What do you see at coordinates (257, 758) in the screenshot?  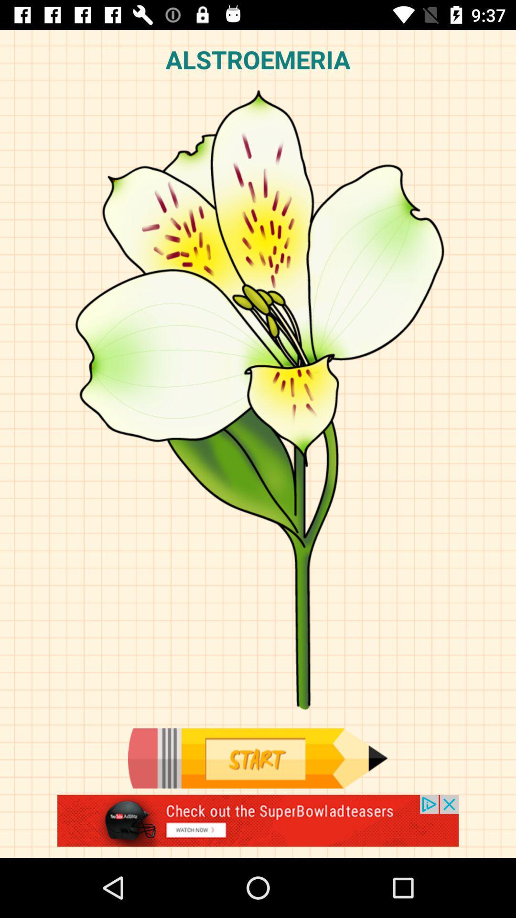 I see `start editing picture` at bounding box center [257, 758].